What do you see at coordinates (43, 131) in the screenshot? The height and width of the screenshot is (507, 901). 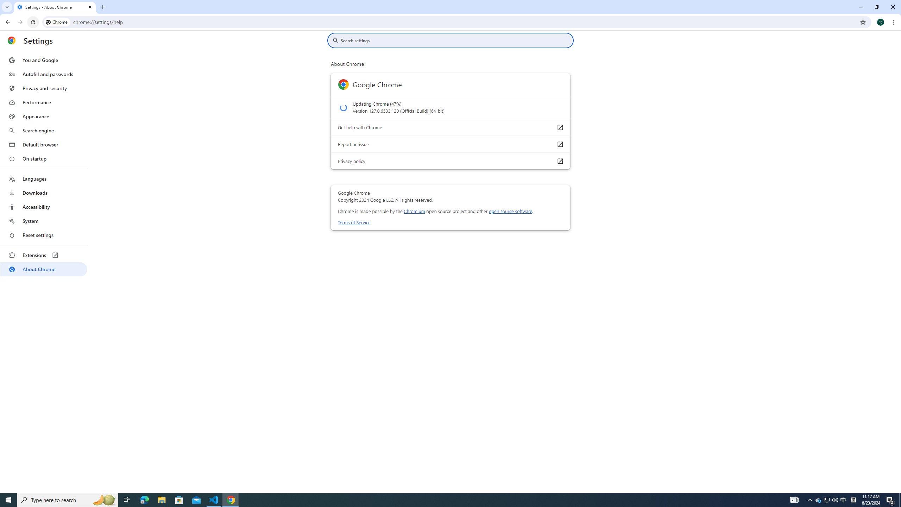 I see `'Search engine'` at bounding box center [43, 131].